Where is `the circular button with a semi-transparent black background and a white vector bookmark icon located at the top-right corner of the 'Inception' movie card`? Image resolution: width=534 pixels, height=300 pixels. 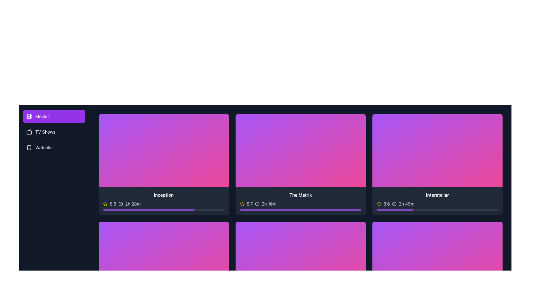 the circular button with a semi-transparent black background and a white vector bookmark icon located at the top-right corner of the 'Inception' movie card is located at coordinates (222, 121).